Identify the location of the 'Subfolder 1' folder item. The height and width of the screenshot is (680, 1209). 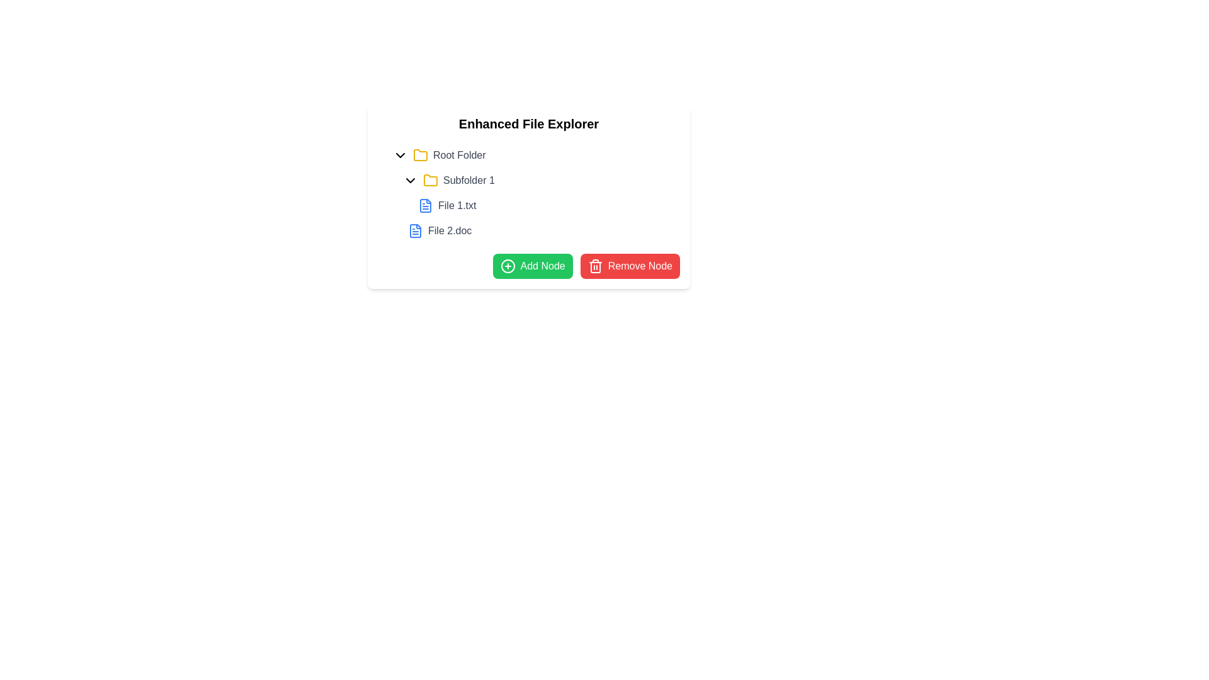
(534, 205).